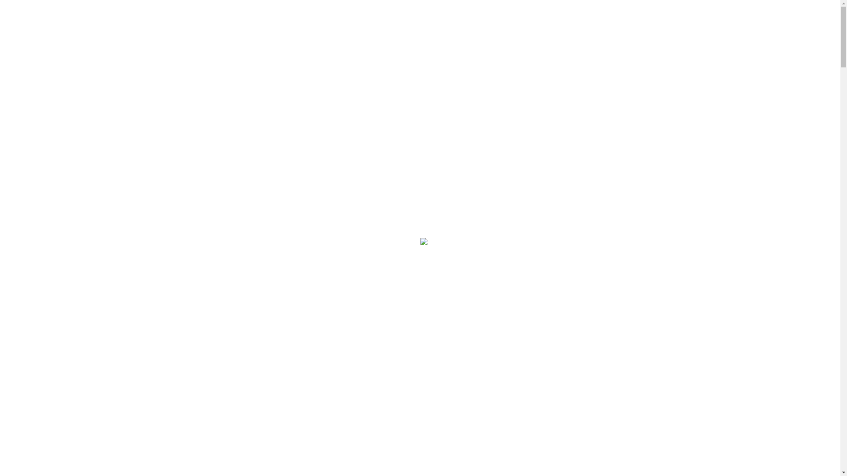 This screenshot has width=847, height=476. What do you see at coordinates (25, 7) in the screenshot?
I see `'Skip to content'` at bounding box center [25, 7].